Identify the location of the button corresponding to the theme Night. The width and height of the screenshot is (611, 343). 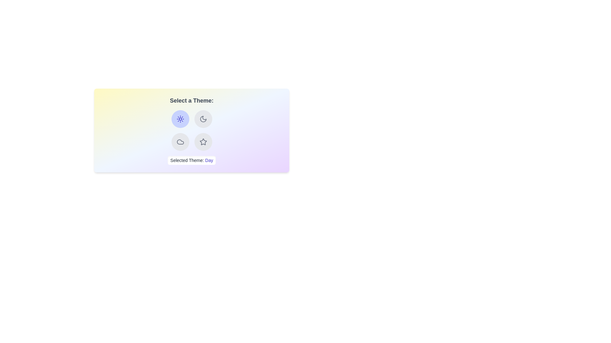
(203, 119).